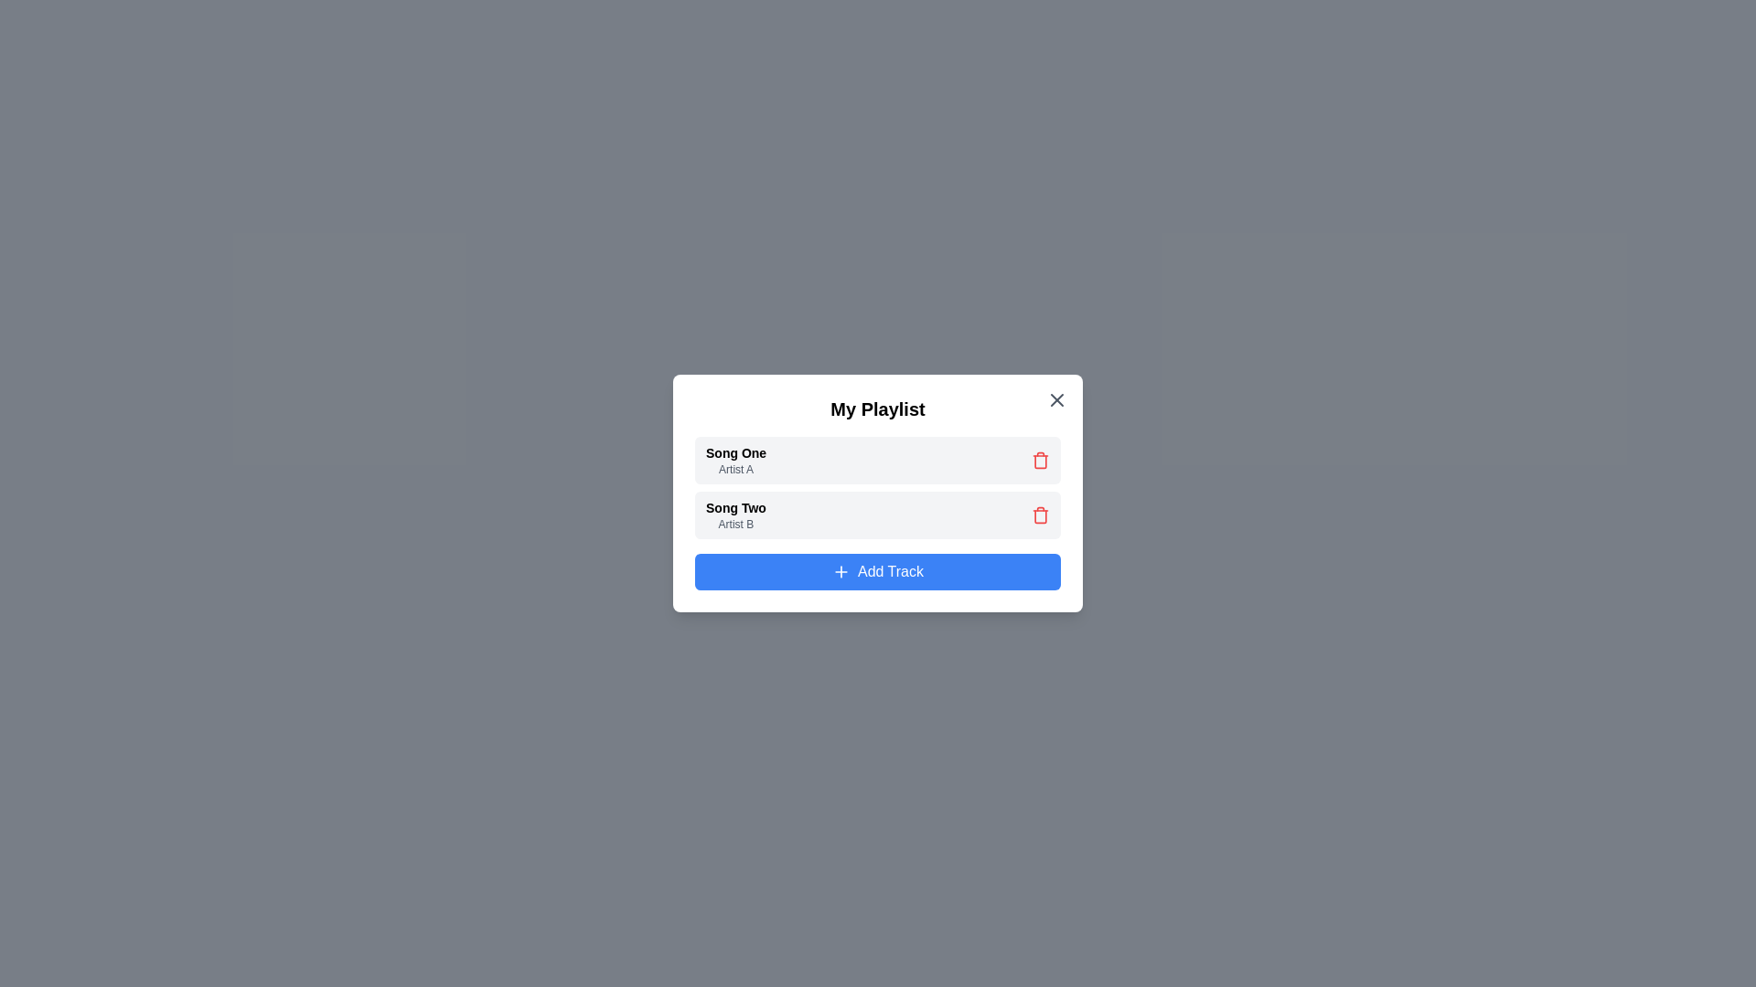 The image size is (1756, 987). What do you see at coordinates (878, 408) in the screenshot?
I see `text label that says 'My Playlist', which is a prominent and bold text component located at the top center of the card interface` at bounding box center [878, 408].